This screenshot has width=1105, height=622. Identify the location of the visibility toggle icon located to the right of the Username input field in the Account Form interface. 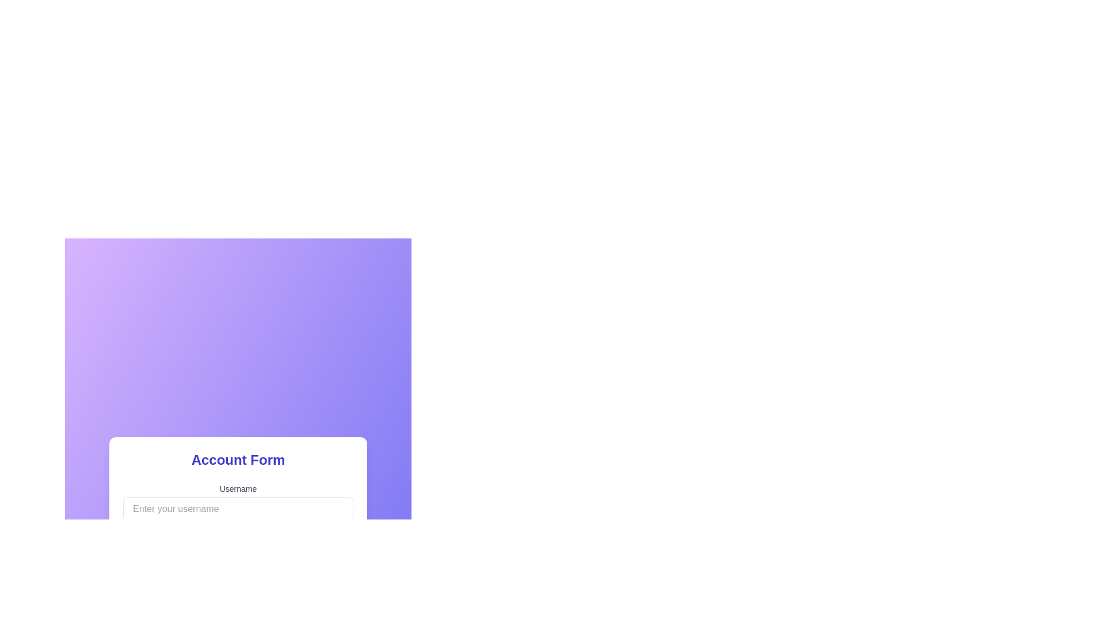
(342, 603).